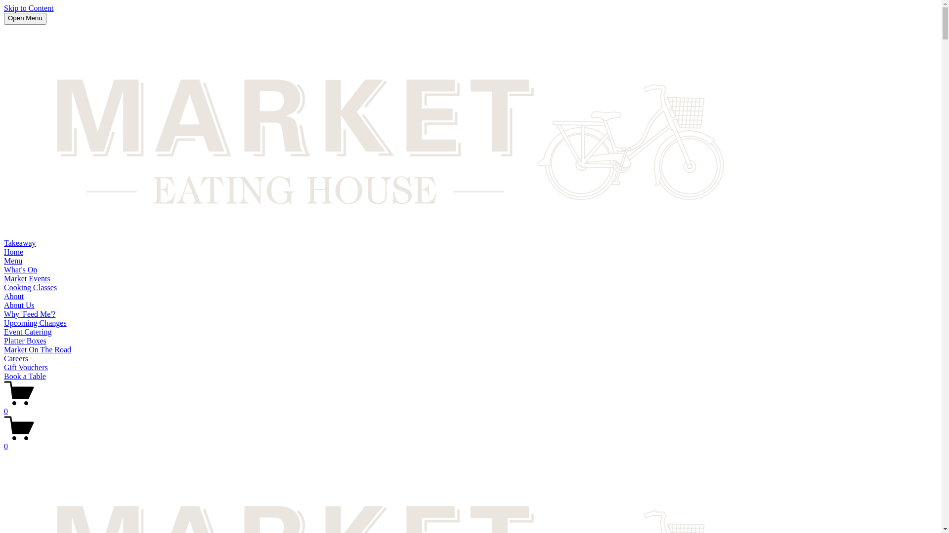 The height and width of the screenshot is (533, 949). What do you see at coordinates (13, 260) in the screenshot?
I see `'Menu'` at bounding box center [13, 260].